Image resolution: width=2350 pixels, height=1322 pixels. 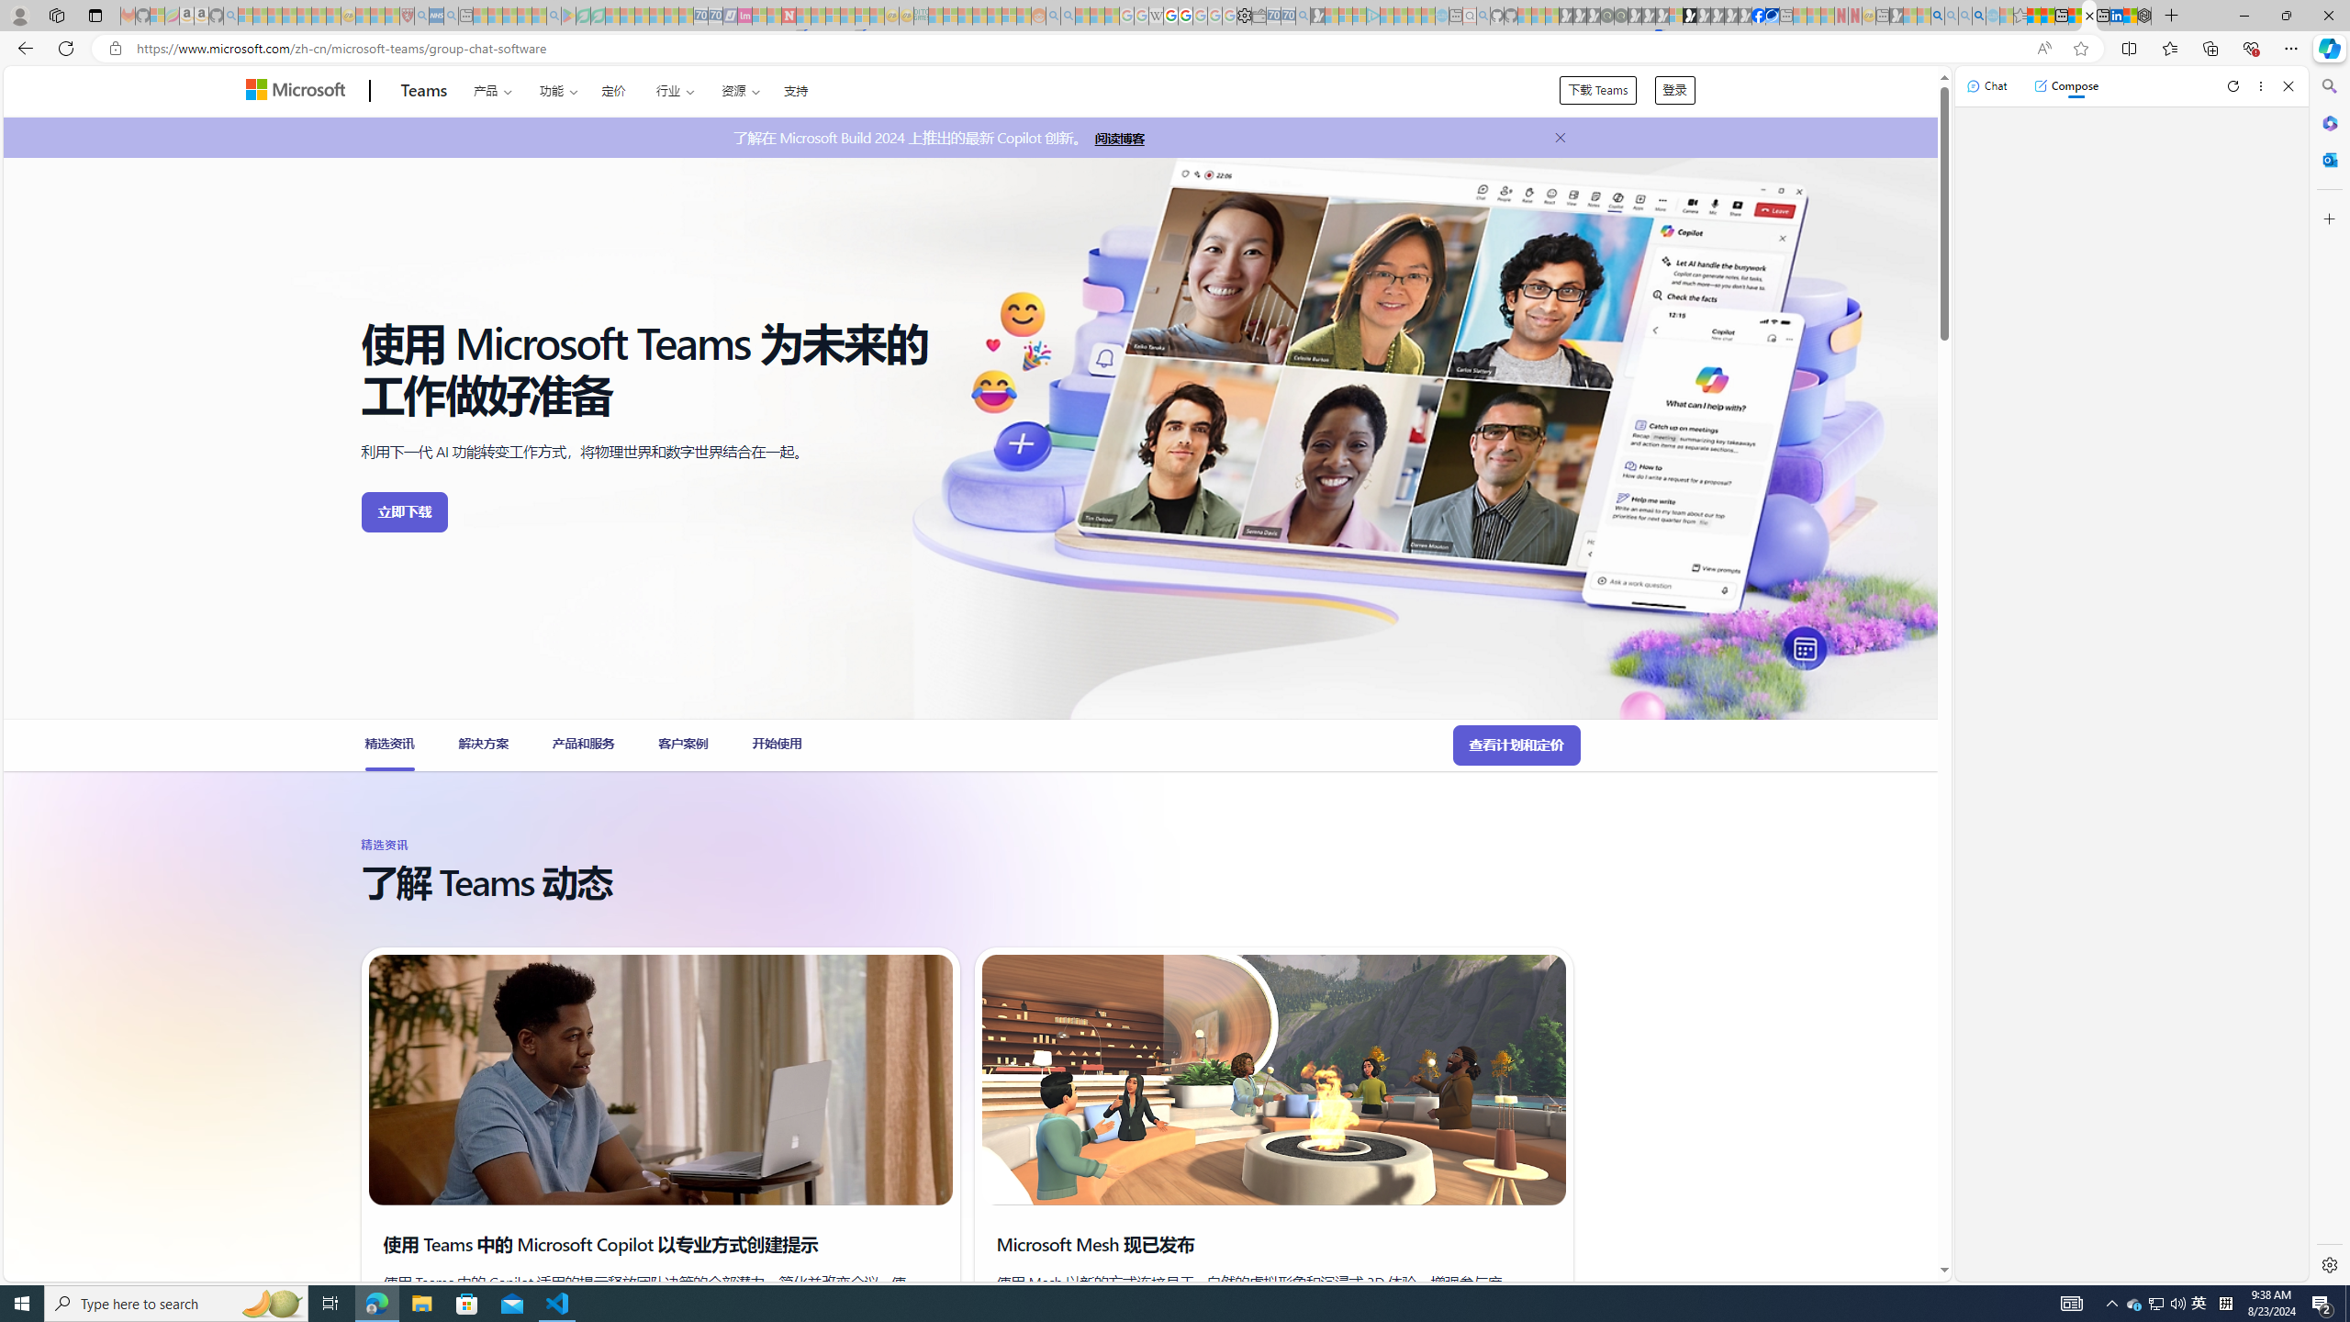 I want to click on 'The Weather Channel - MSN - Sleeping', so click(x=274, y=15).